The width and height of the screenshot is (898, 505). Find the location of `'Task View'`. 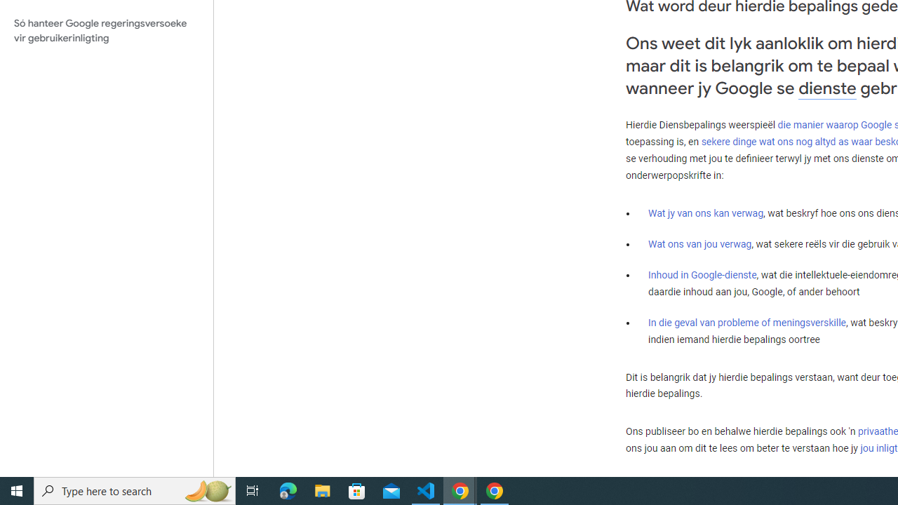

'Task View' is located at coordinates (252, 490).